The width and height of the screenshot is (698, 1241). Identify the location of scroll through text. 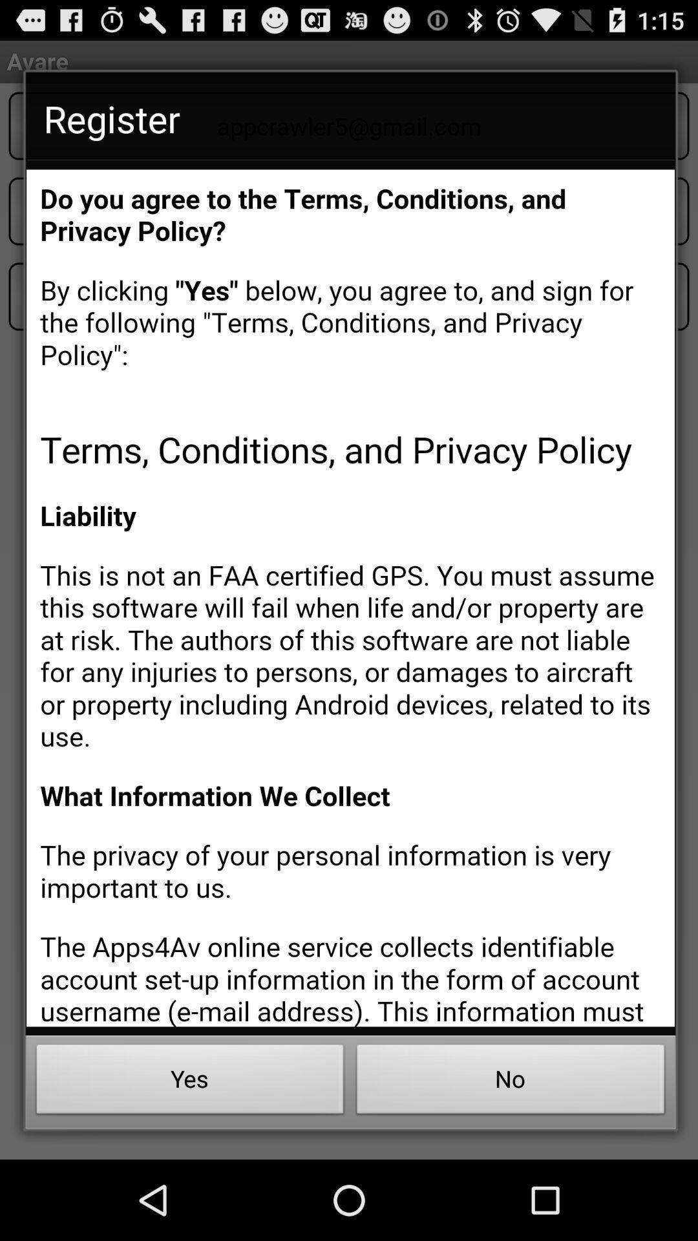
(350, 597).